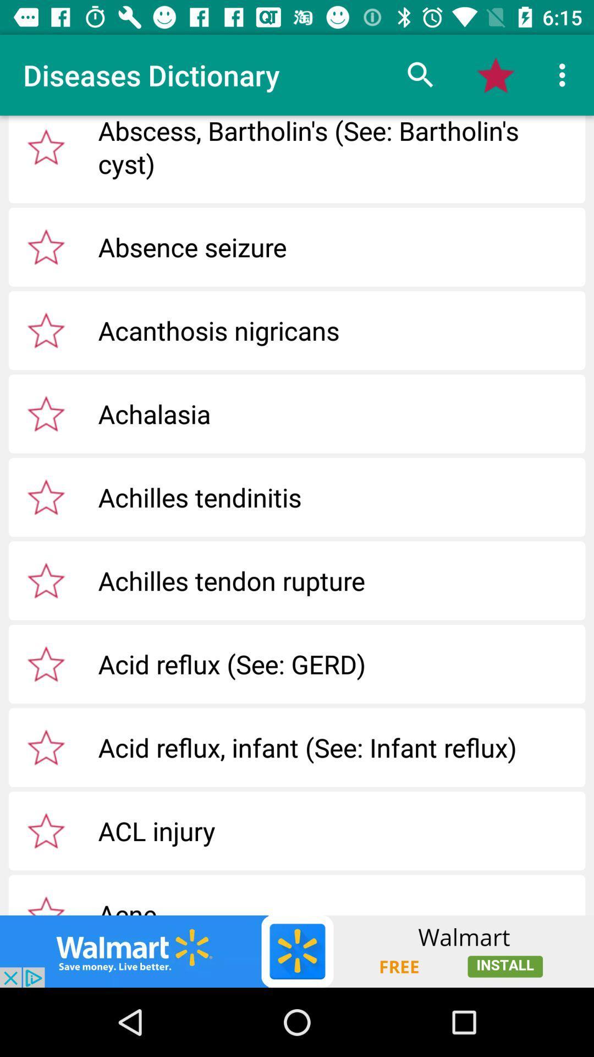 Image resolution: width=594 pixels, height=1057 pixels. I want to click on like, so click(46, 146).